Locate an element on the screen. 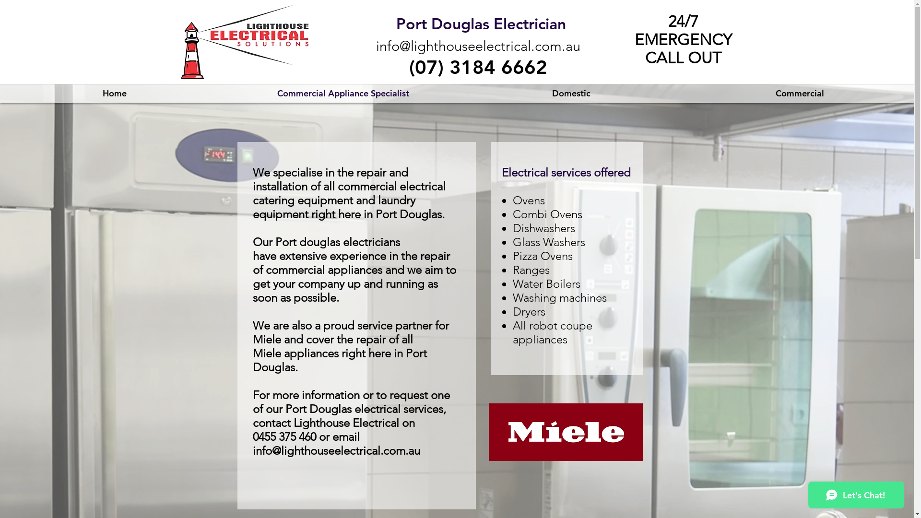  'Domestic' is located at coordinates (571, 94).